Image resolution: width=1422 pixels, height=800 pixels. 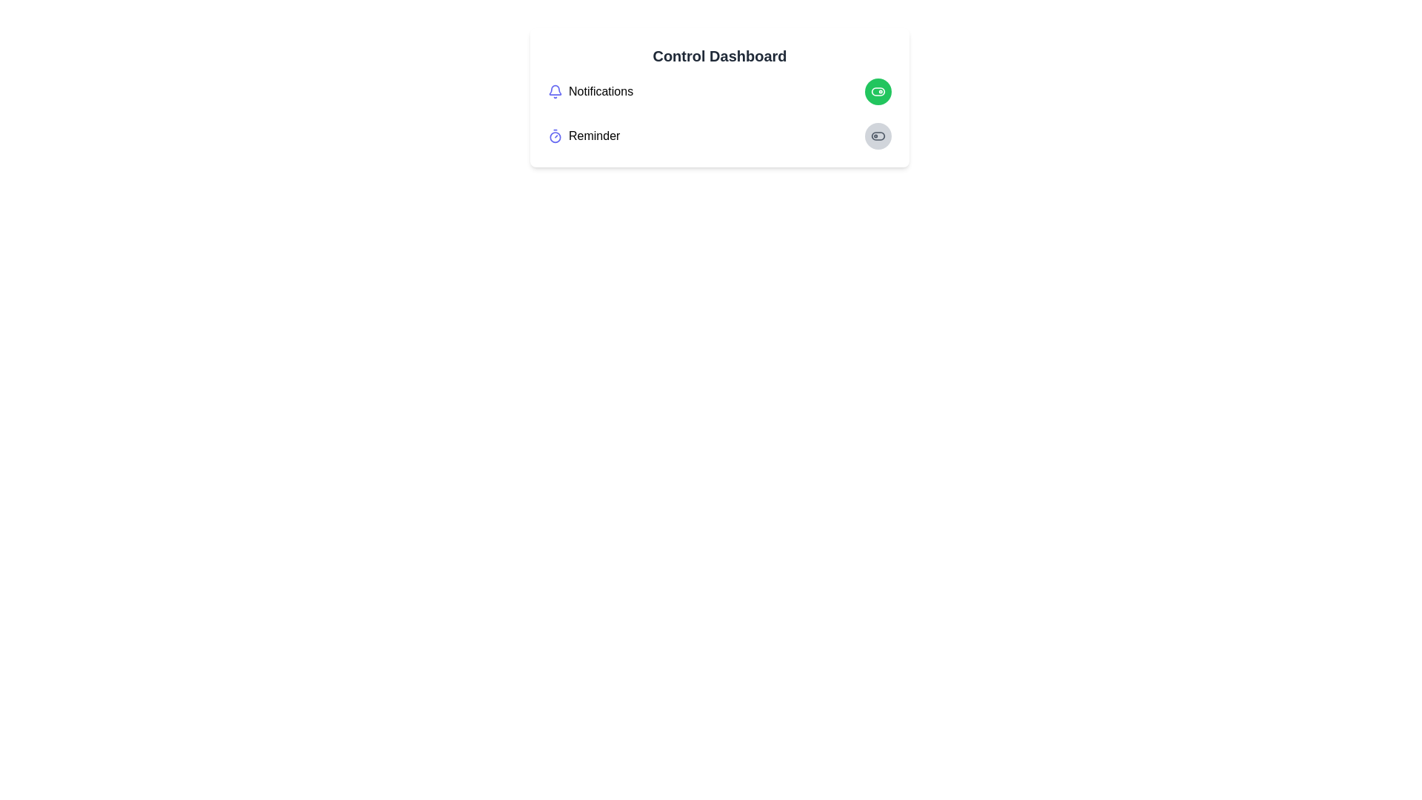 What do you see at coordinates (878, 136) in the screenshot?
I see `the toggle switch in the 'Control Dashboard' interface, which is a circular button with a toggle icon` at bounding box center [878, 136].